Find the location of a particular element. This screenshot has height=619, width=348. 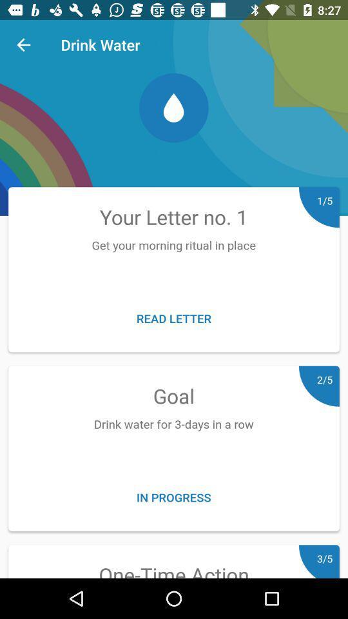

the item next to drink water item is located at coordinates (23, 44).